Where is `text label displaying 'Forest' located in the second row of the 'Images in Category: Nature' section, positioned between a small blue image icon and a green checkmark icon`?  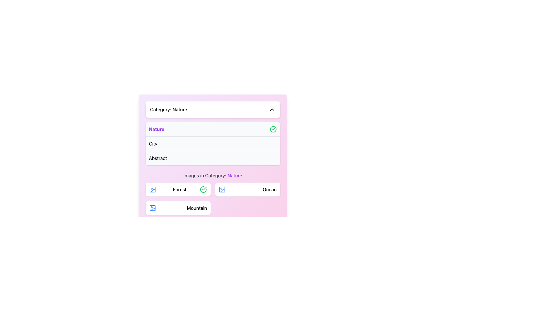
text label displaying 'Forest' located in the second row of the 'Images in Category: Nature' section, positioned between a small blue image icon and a green checkmark icon is located at coordinates (179, 190).